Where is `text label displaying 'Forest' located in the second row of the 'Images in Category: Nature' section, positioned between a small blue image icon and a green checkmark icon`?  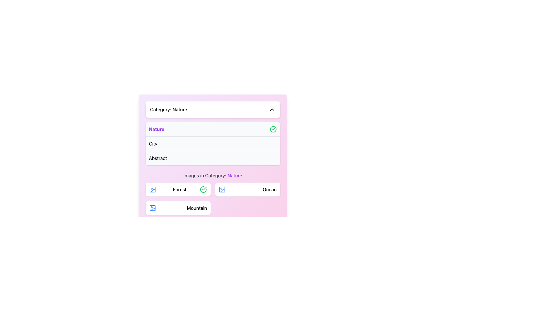
text label displaying 'Forest' located in the second row of the 'Images in Category: Nature' section, positioned between a small blue image icon and a green checkmark icon is located at coordinates (179, 190).